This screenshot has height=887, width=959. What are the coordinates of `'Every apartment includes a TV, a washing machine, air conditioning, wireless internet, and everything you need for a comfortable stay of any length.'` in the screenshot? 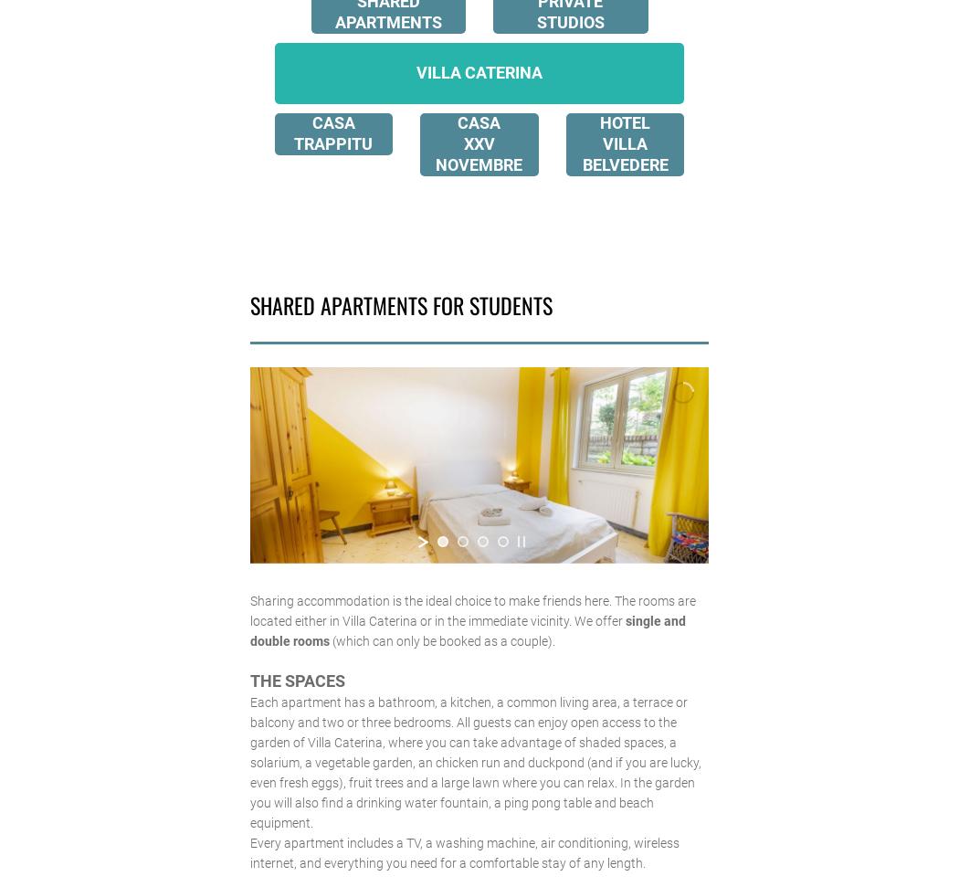 It's located at (462, 851).